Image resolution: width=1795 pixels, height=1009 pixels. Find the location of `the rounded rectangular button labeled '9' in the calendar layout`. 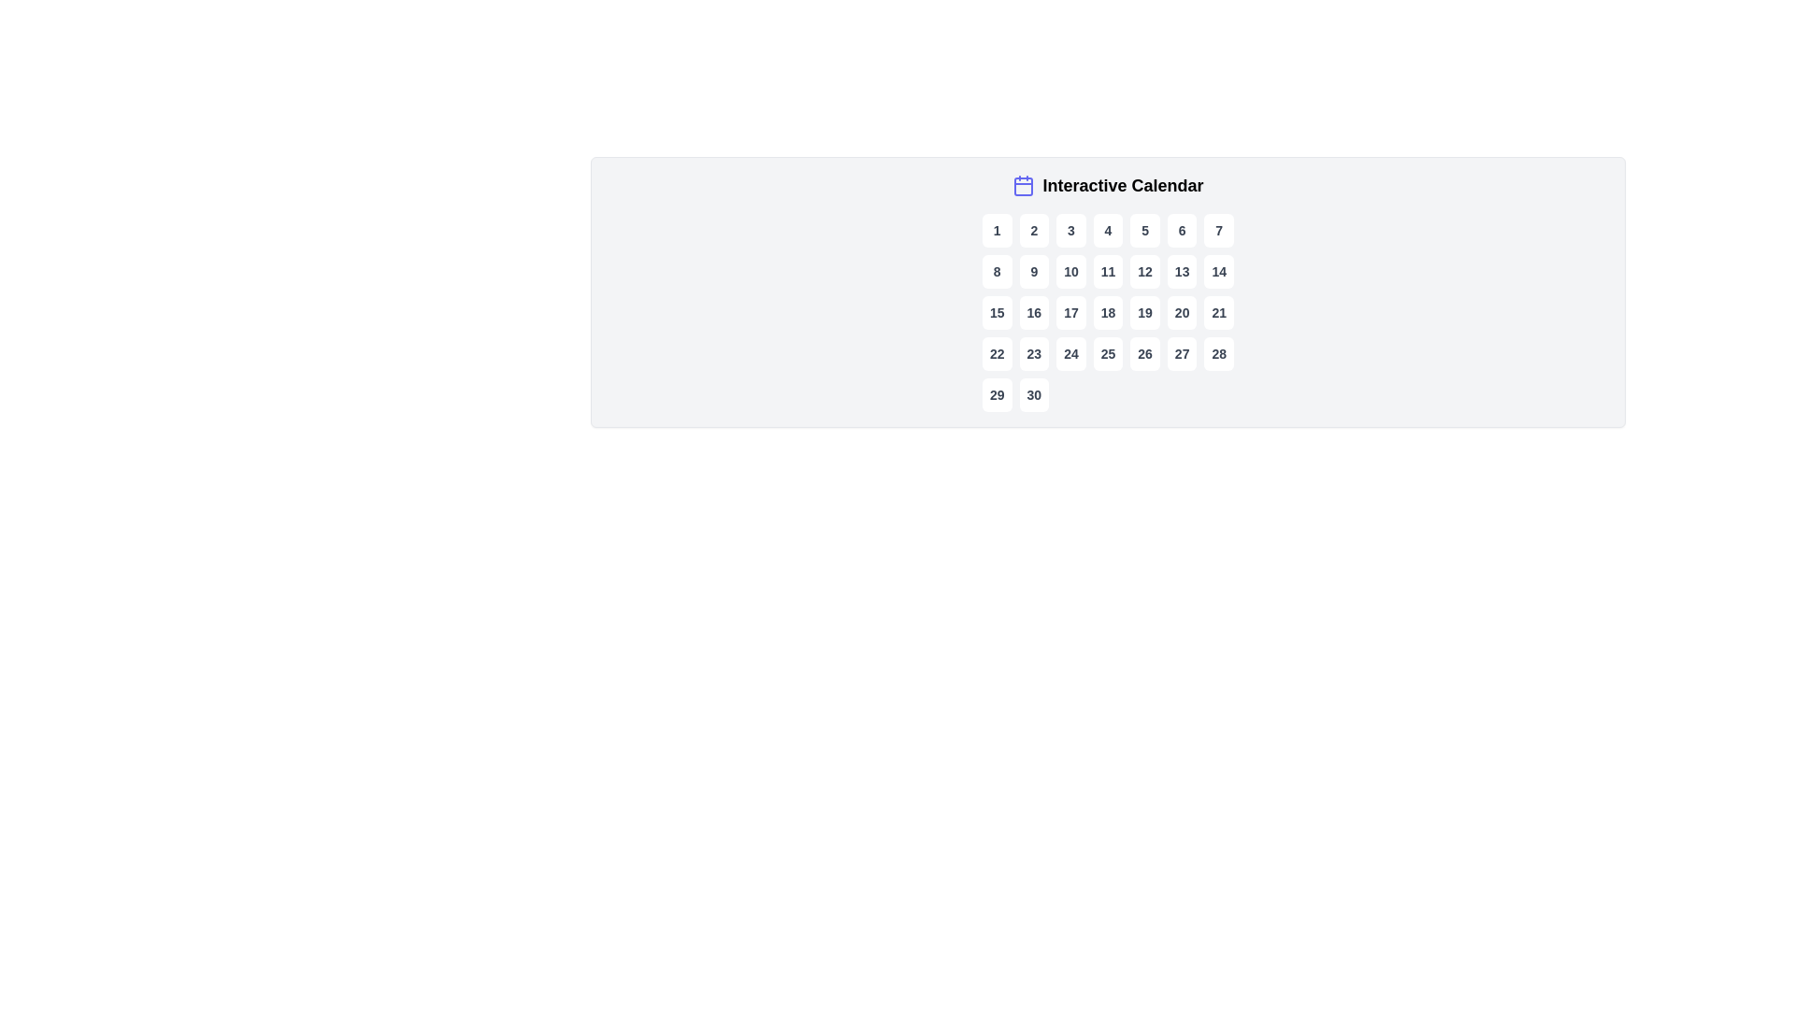

the rounded rectangular button labeled '9' in the calendar layout is located at coordinates (1033, 271).